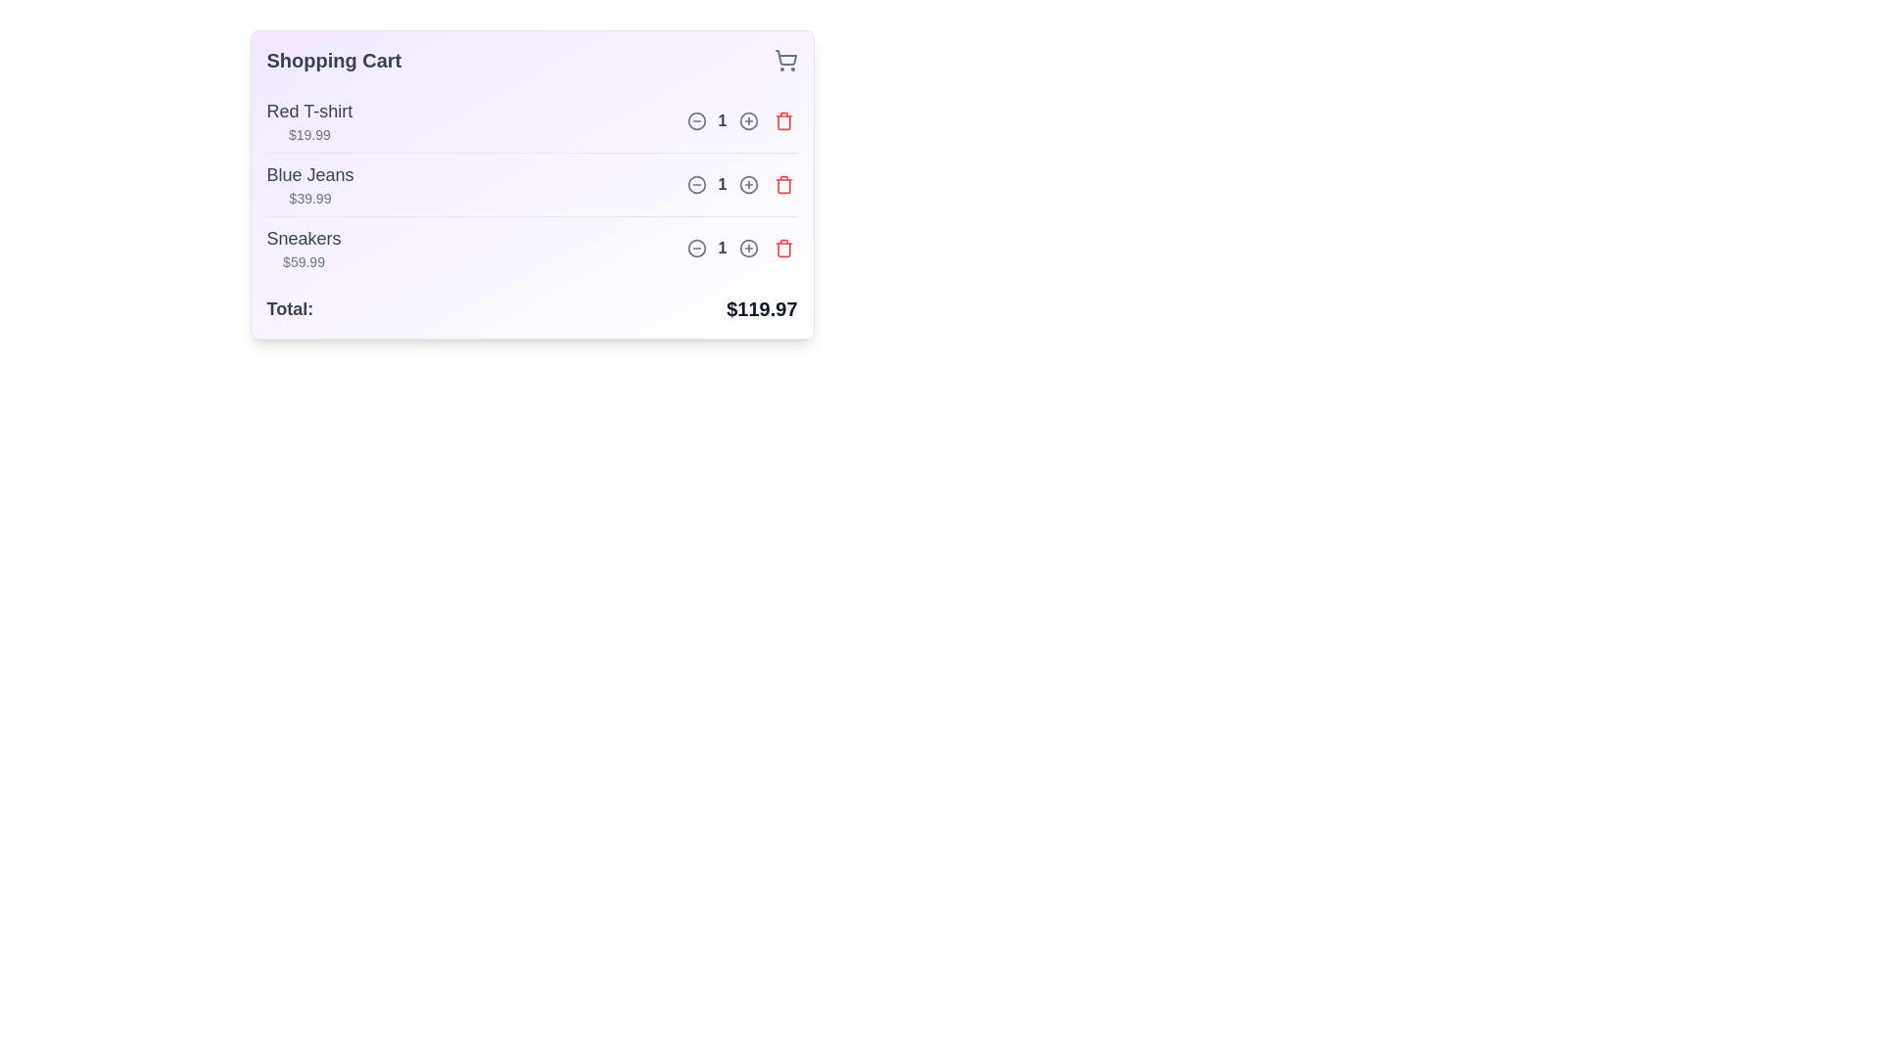 The width and height of the screenshot is (1880, 1057). Describe the element at coordinates (696, 185) in the screenshot. I see `the circular icon for the 'Blue Jeans' item in the shopping cart, which features a circular outer line with a smaller red circular area, positioned before the increment button` at that location.